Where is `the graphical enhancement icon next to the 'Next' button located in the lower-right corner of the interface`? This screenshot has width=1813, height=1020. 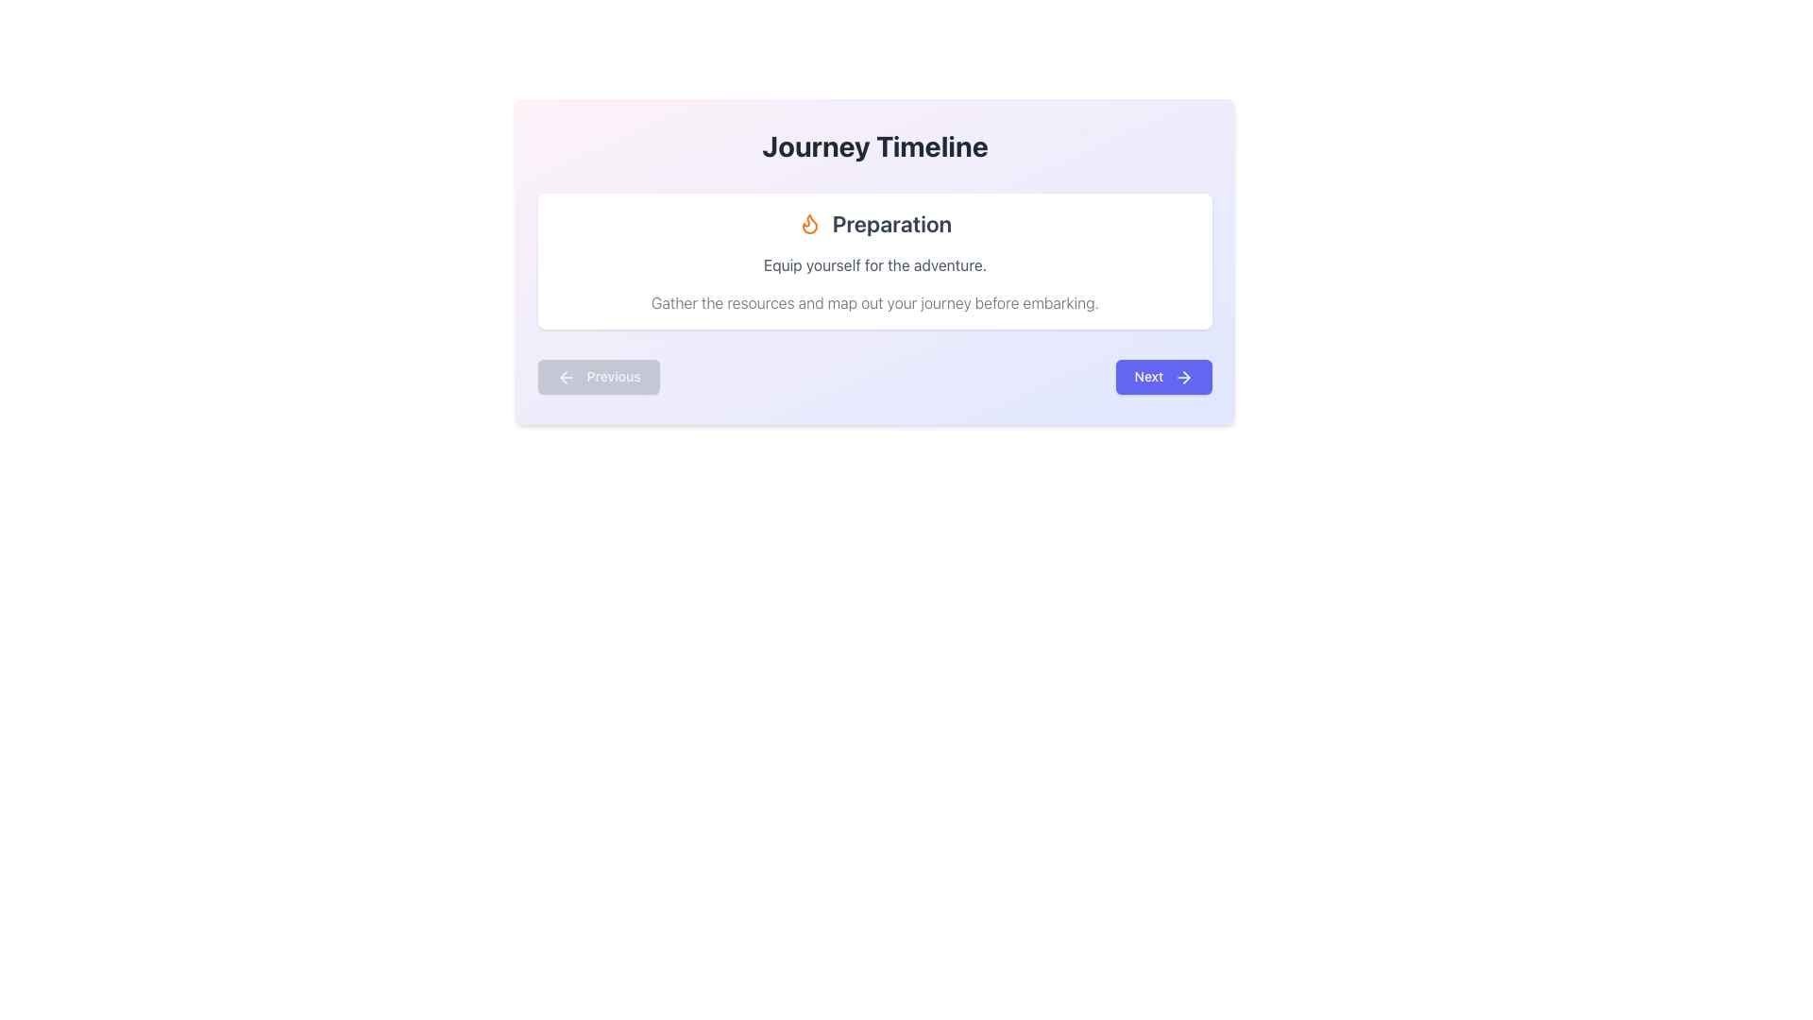 the graphical enhancement icon next to the 'Next' button located in the lower-right corner of the interface is located at coordinates (1182, 378).